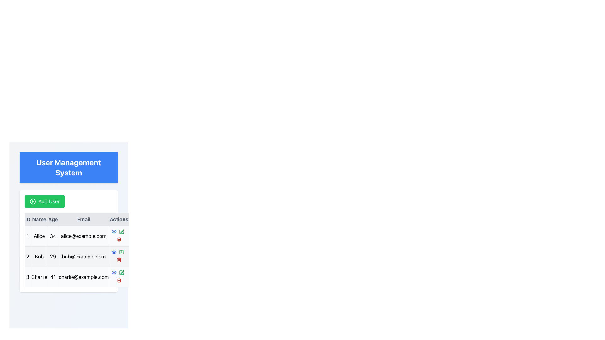 The height and width of the screenshot is (340, 605). Describe the element at coordinates (121, 272) in the screenshot. I see `the edit action icon button located in the third row of the 'Actions' column of the user management table to change its color` at that location.